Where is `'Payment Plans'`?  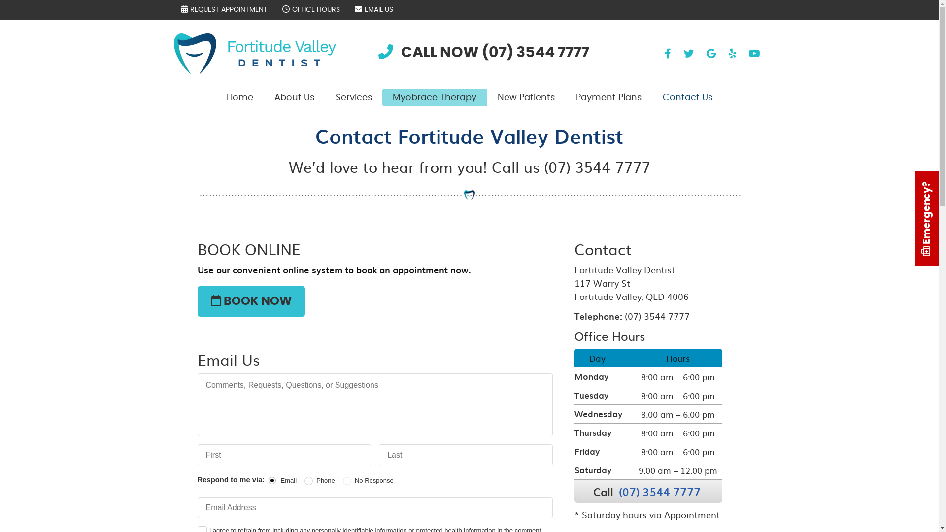 'Payment Plans' is located at coordinates (608, 97).